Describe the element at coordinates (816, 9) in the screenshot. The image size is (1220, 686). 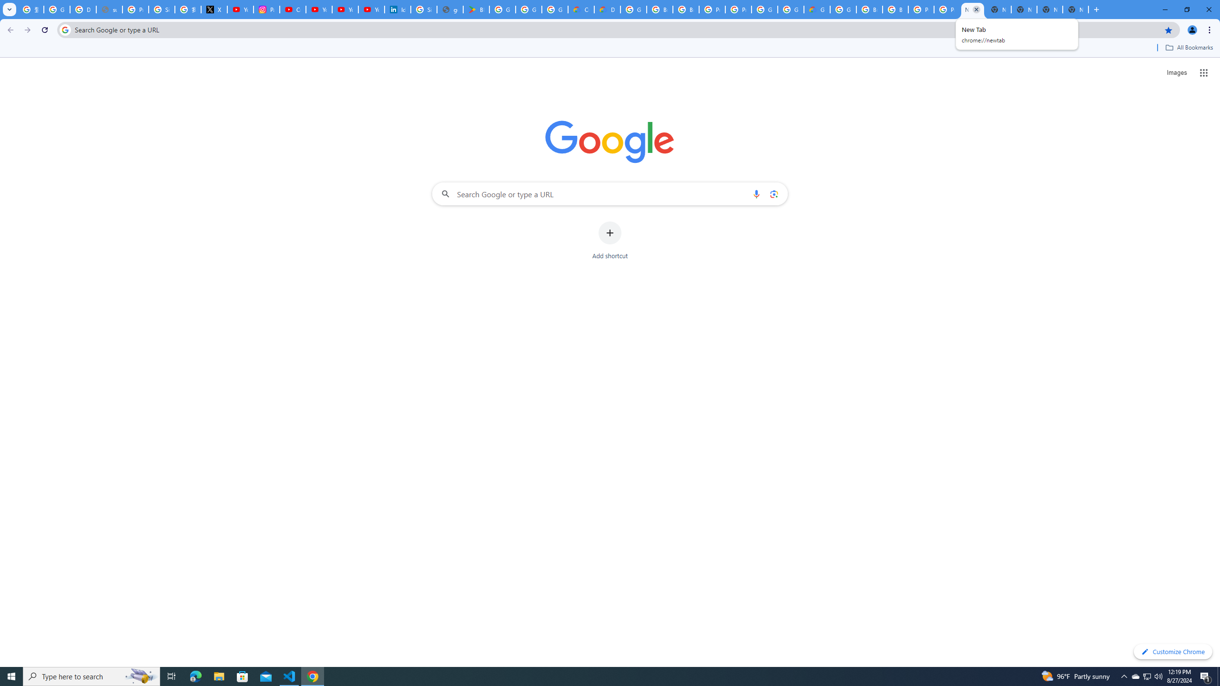
I see `'Google Cloud Estimate Summary'` at that location.